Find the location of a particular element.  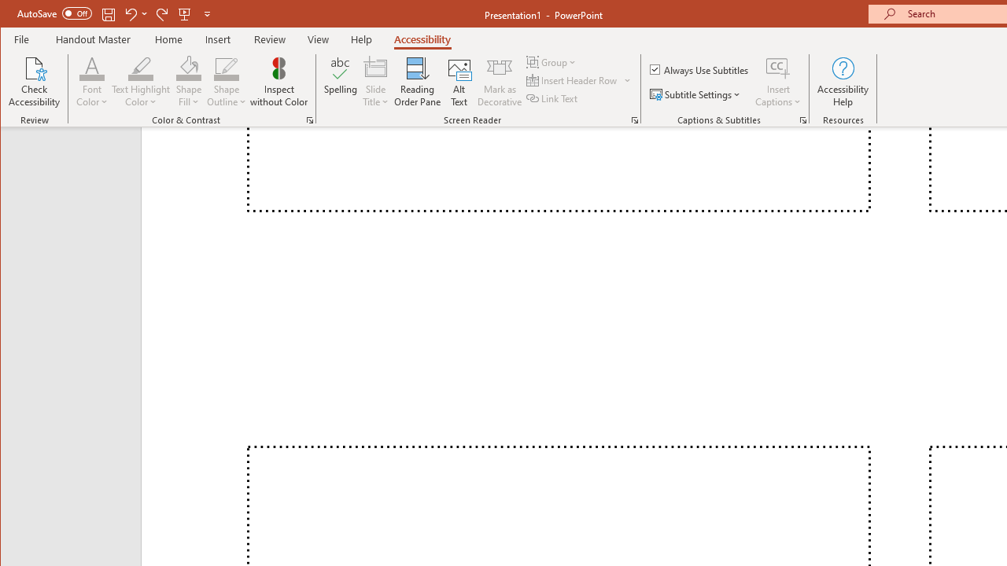

'Help' is located at coordinates (360, 39).